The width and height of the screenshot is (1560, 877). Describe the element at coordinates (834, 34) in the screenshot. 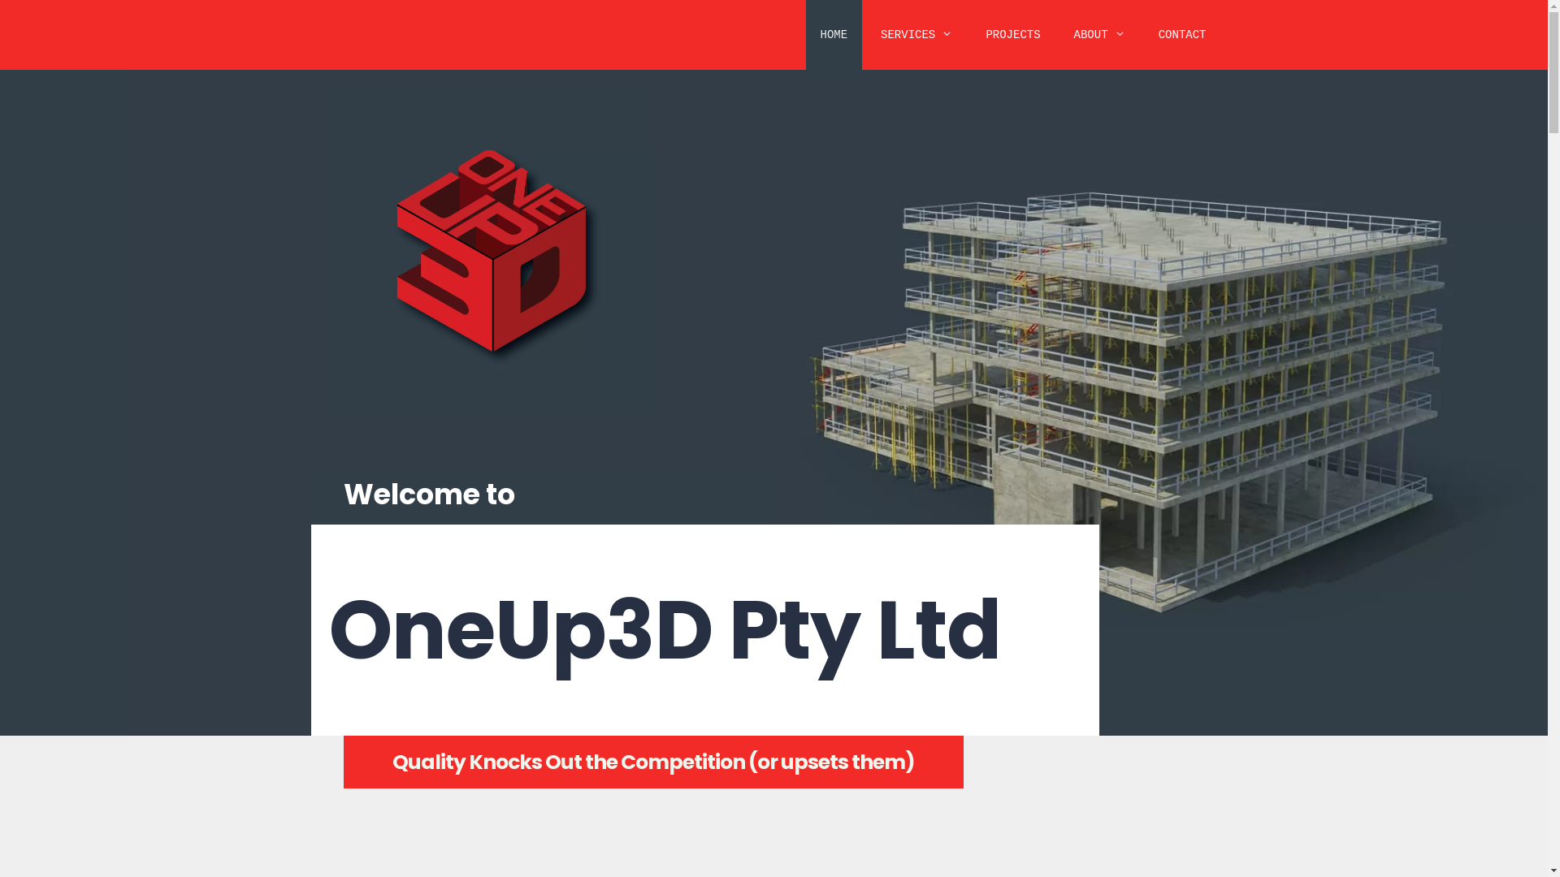

I see `'HOME'` at that location.